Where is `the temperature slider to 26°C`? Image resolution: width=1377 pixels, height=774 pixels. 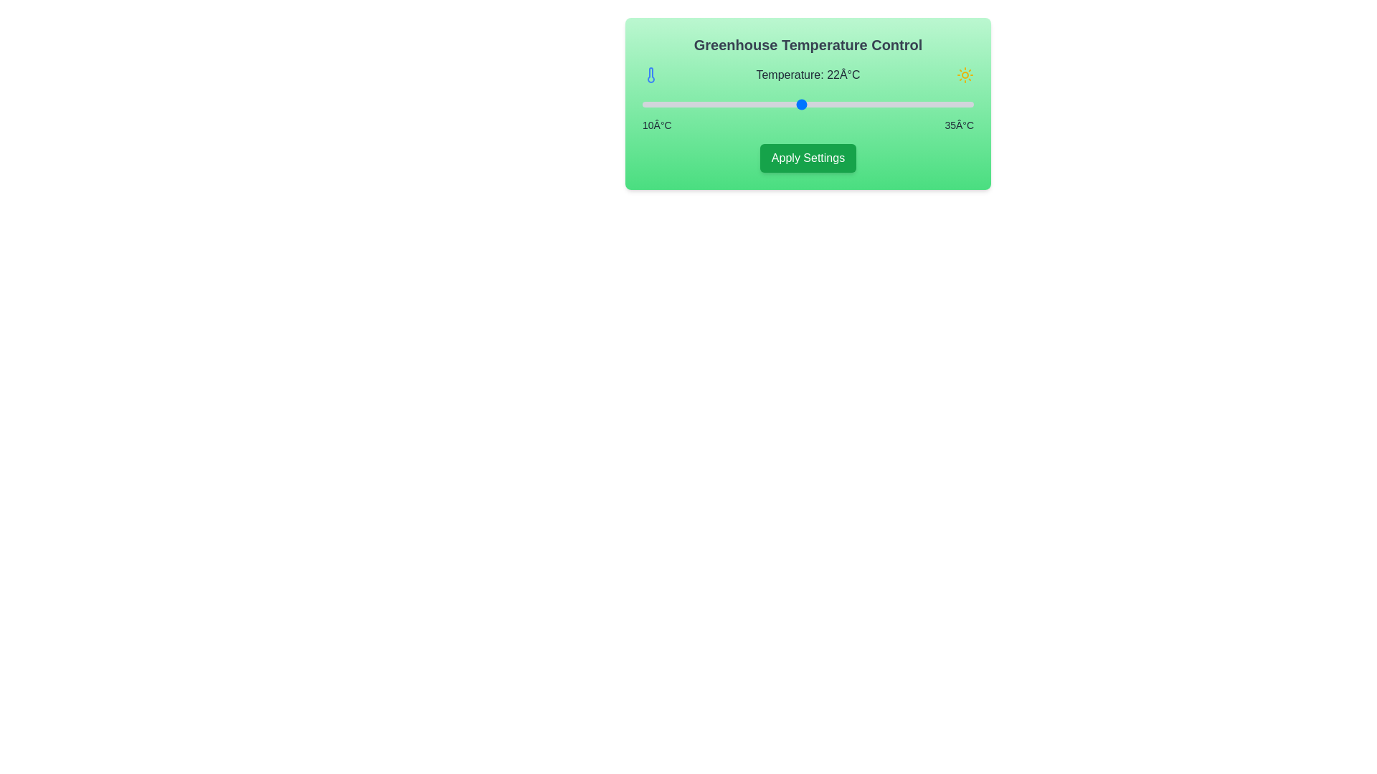
the temperature slider to 26°C is located at coordinates (854, 104).